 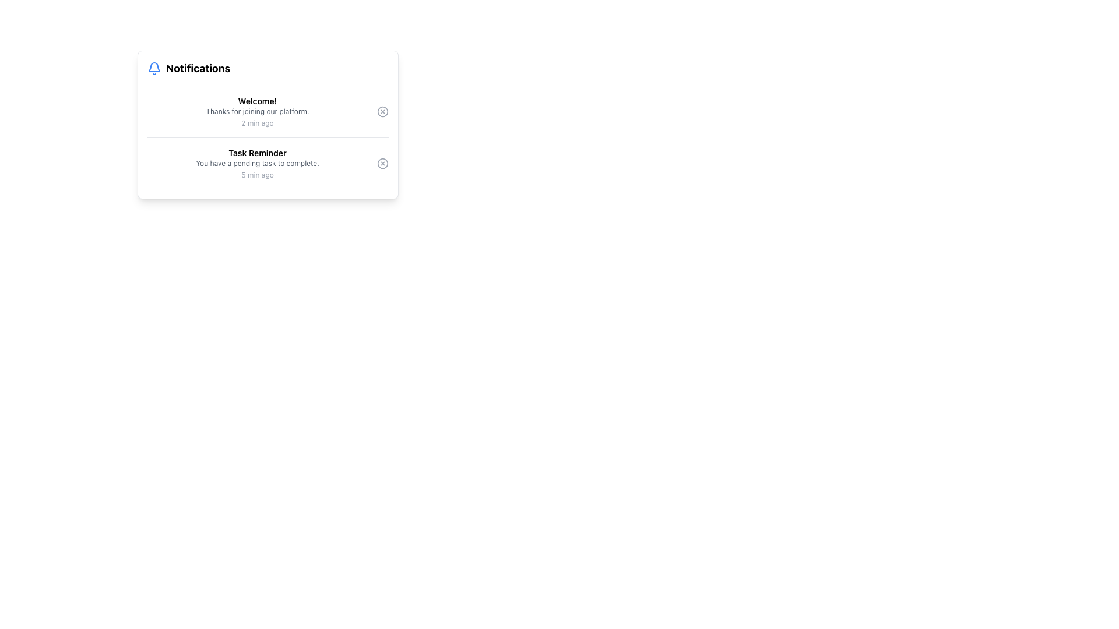 What do you see at coordinates (256, 164) in the screenshot?
I see `notification message that contains 'Task Reminder', 'You have a pending task to complete.', and '5 min ago', located in the center-left section of the notification panel` at bounding box center [256, 164].